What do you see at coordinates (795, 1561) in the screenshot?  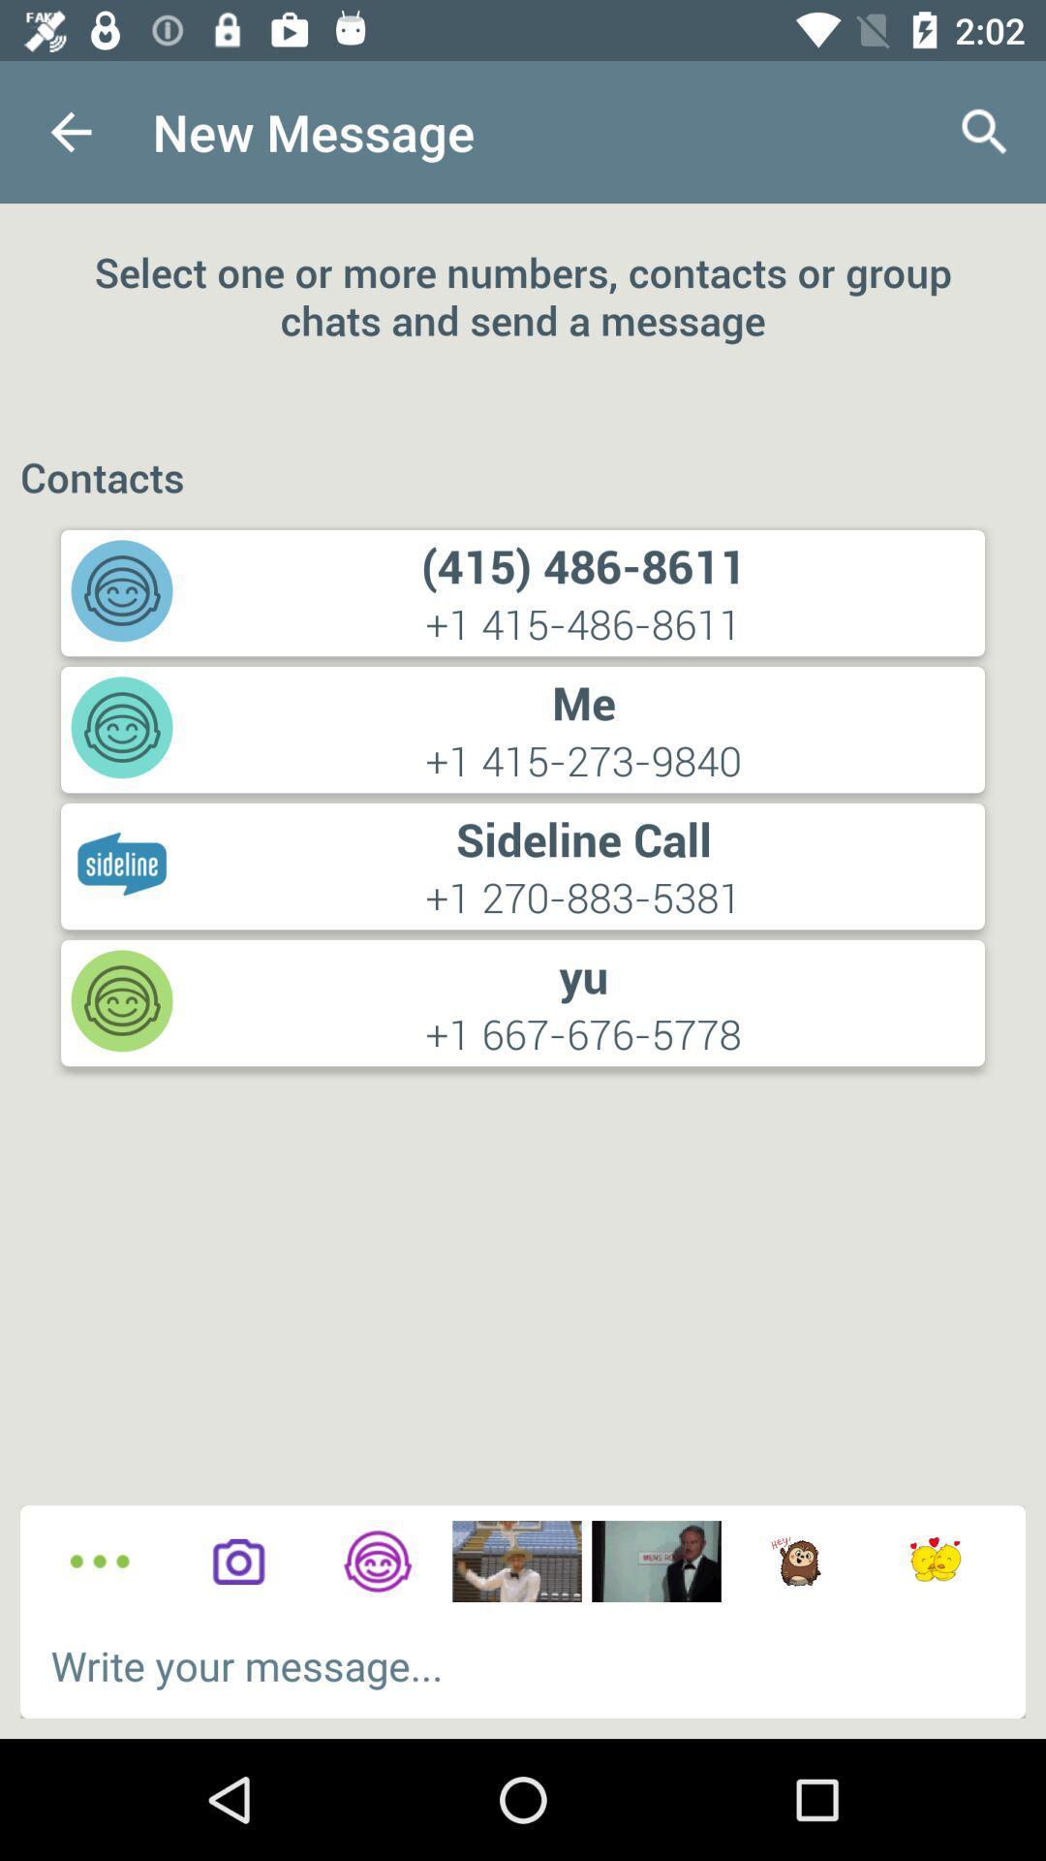 I see `monkey emoticon` at bounding box center [795, 1561].